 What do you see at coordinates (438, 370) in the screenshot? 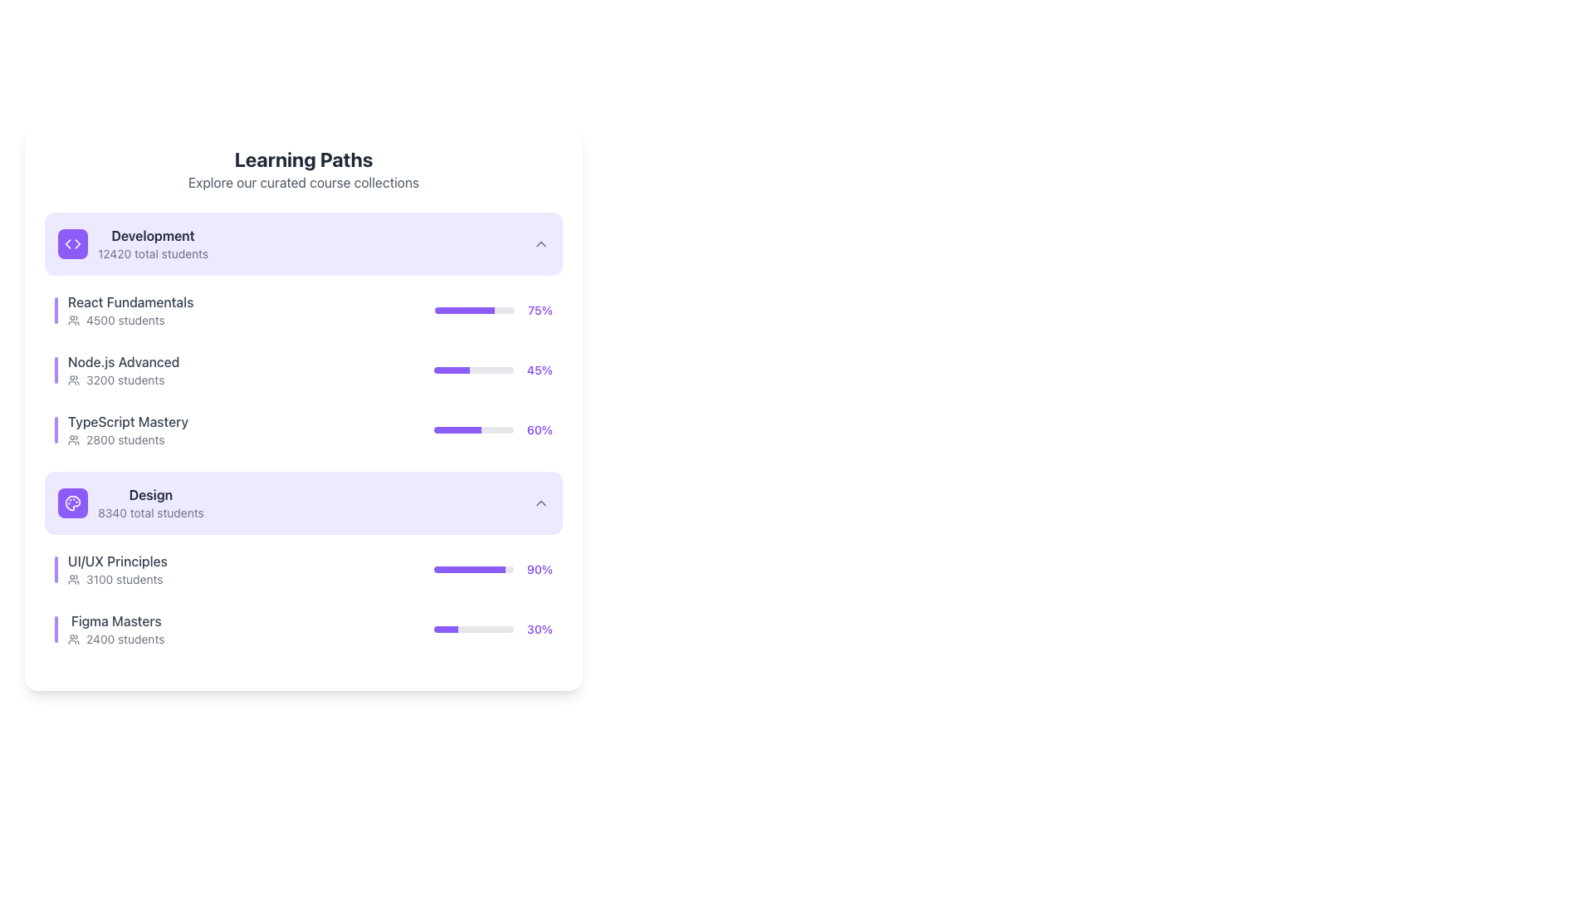
I see `progress` at bounding box center [438, 370].